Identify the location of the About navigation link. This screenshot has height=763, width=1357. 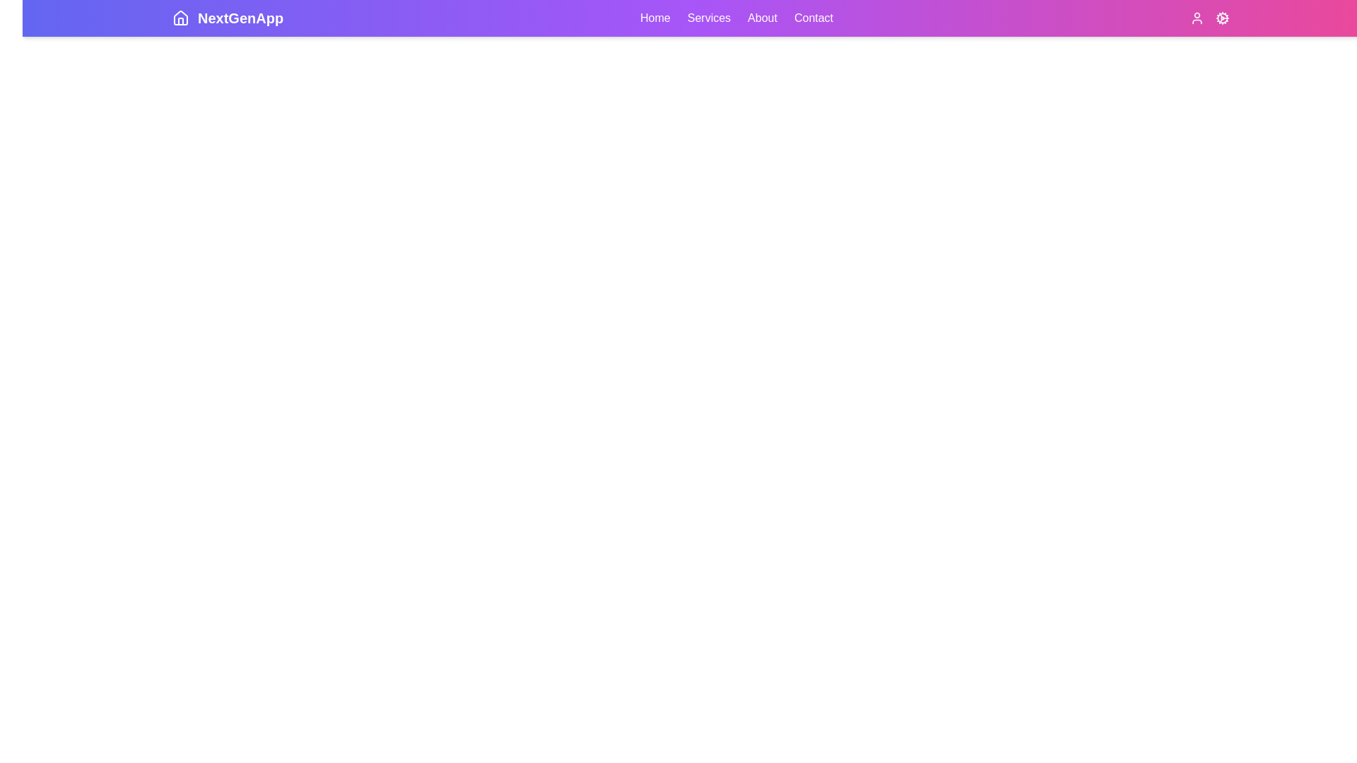
(762, 18).